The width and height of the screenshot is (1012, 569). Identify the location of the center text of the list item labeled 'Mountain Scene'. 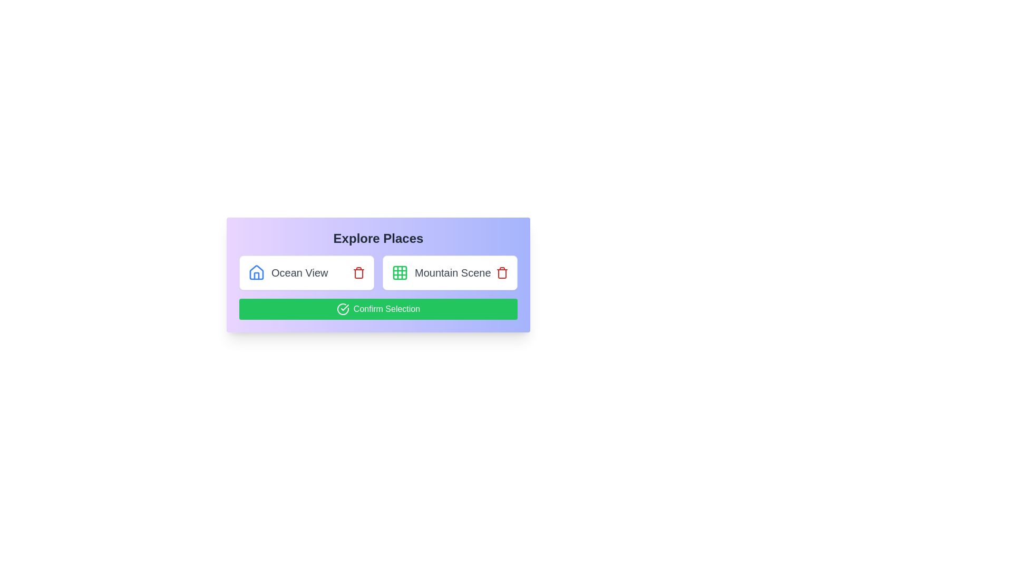
(450, 272).